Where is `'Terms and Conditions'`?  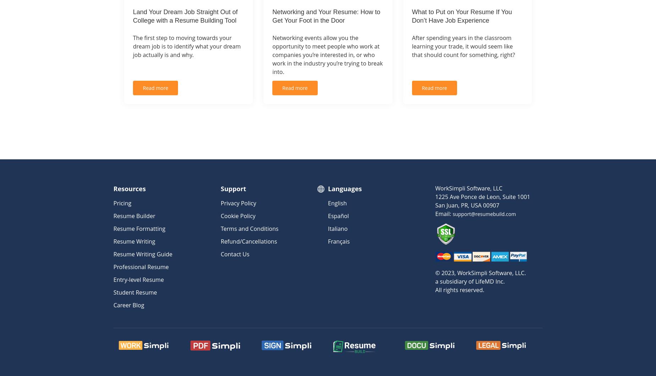
'Terms and Conditions' is located at coordinates (249, 228).